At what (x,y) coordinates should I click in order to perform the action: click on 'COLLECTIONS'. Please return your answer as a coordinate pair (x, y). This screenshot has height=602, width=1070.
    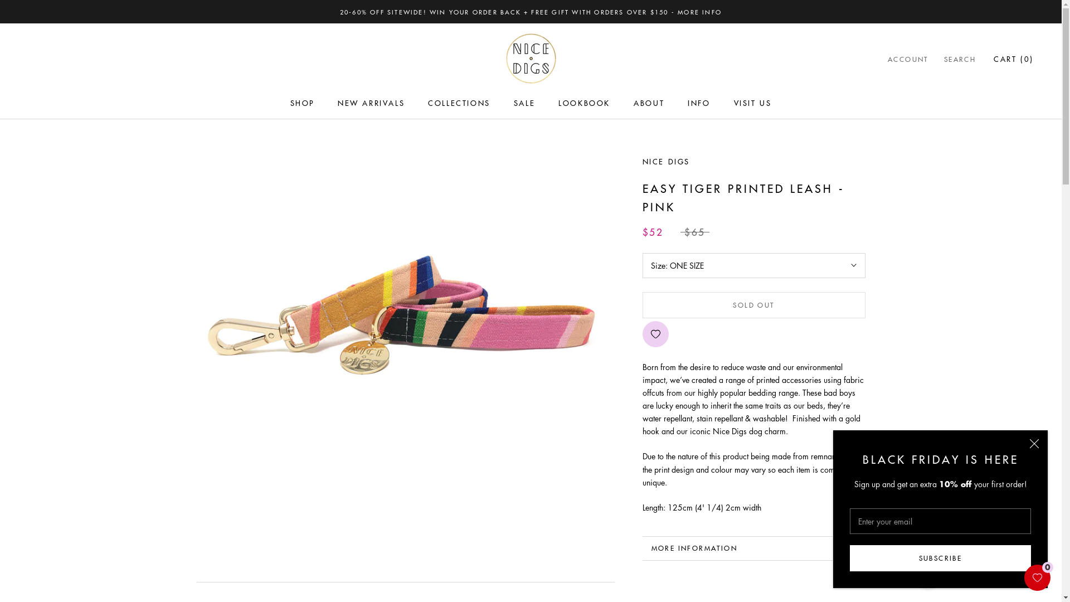
    Looking at the image, I should click on (459, 103).